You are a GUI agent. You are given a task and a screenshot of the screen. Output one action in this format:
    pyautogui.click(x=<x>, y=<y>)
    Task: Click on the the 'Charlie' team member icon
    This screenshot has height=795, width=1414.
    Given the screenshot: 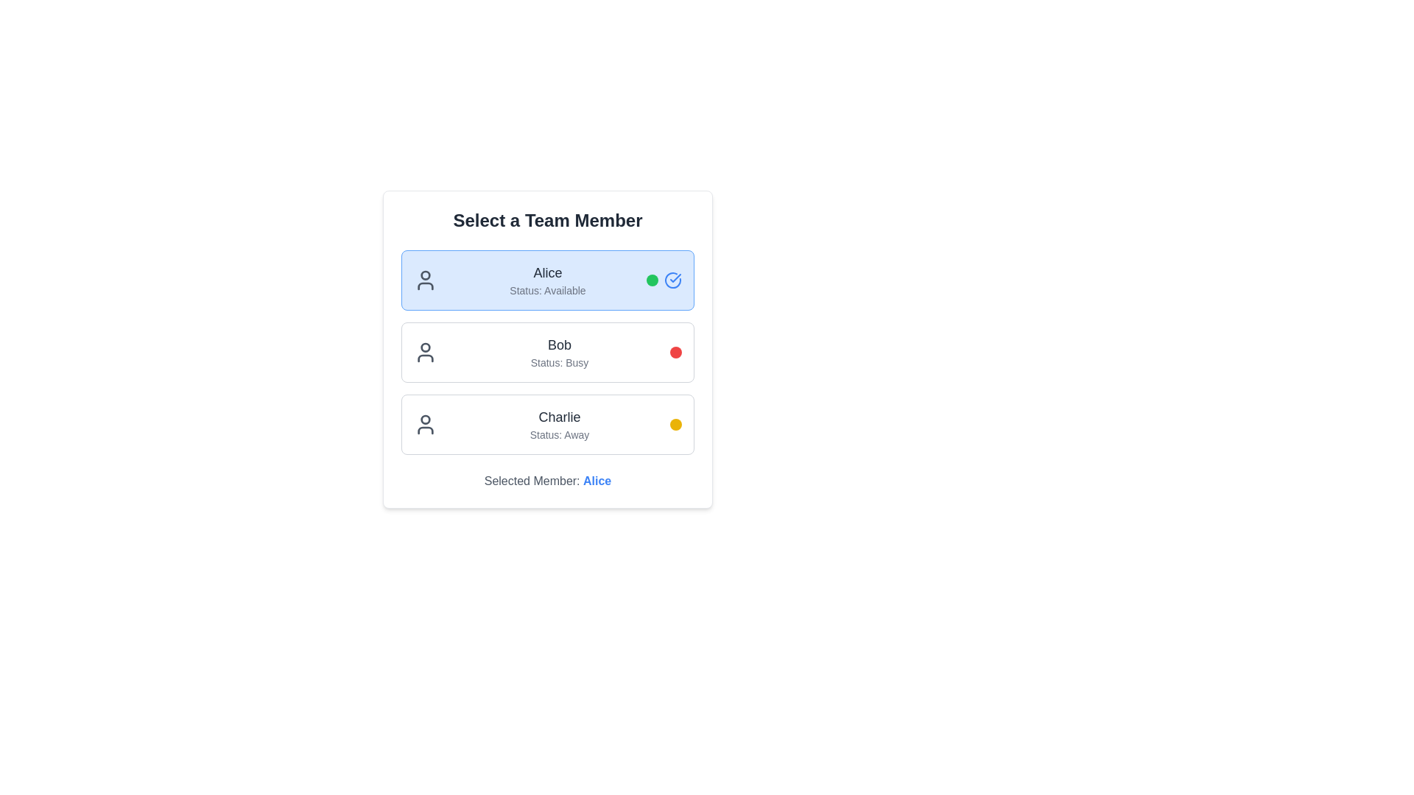 What is the action you would take?
    pyautogui.click(x=424, y=425)
    